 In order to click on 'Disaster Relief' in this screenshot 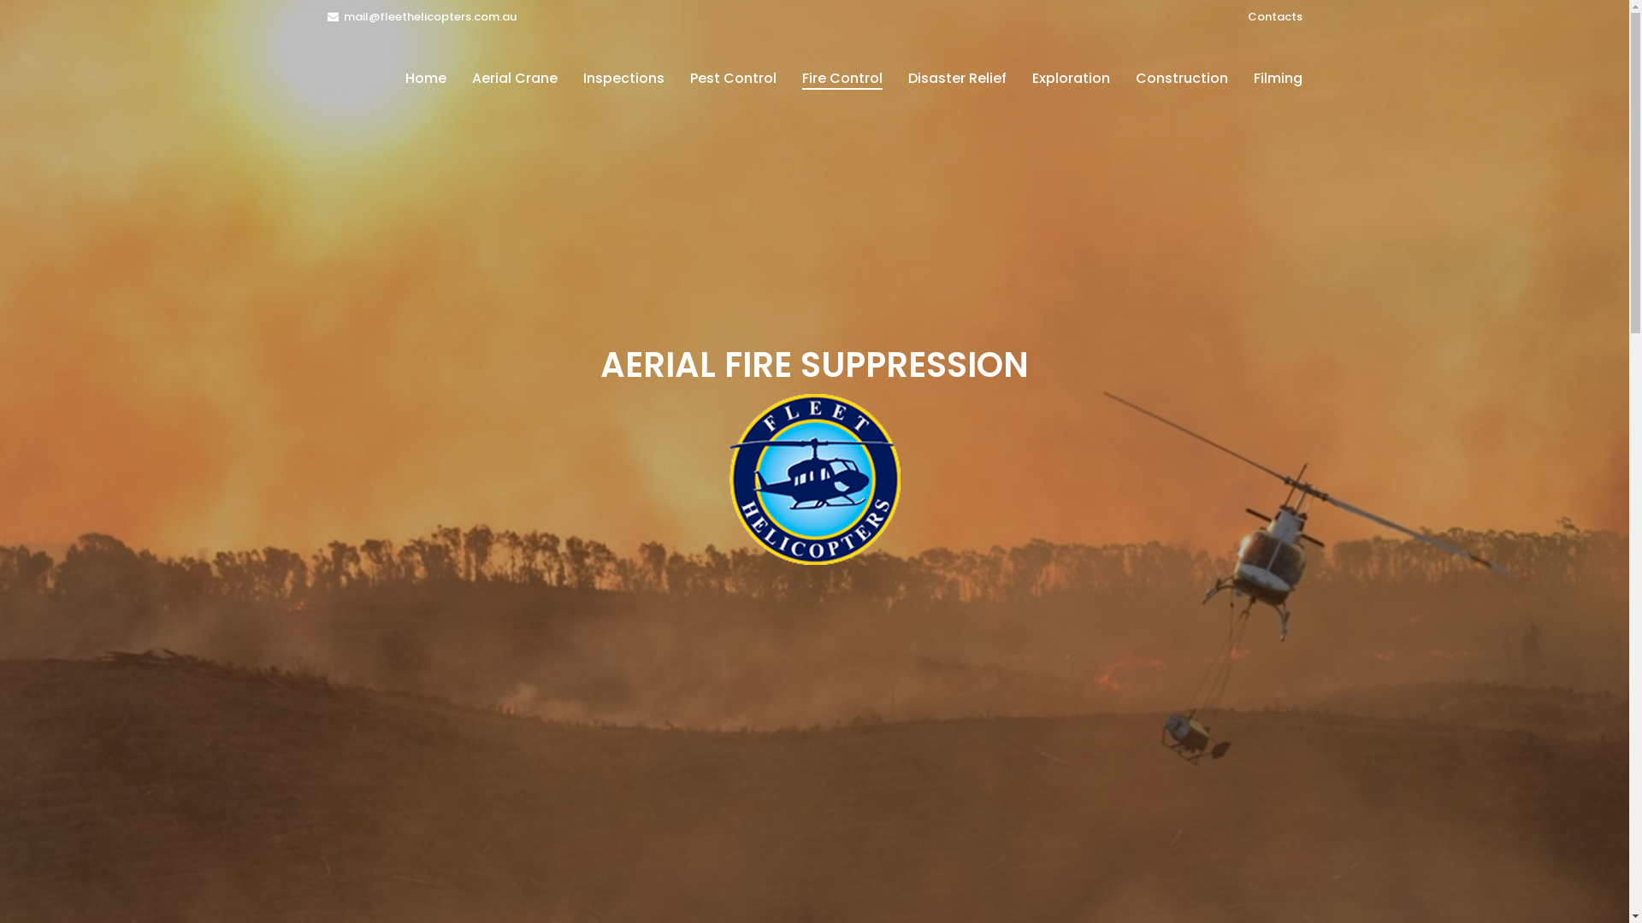, I will do `click(955, 79)`.